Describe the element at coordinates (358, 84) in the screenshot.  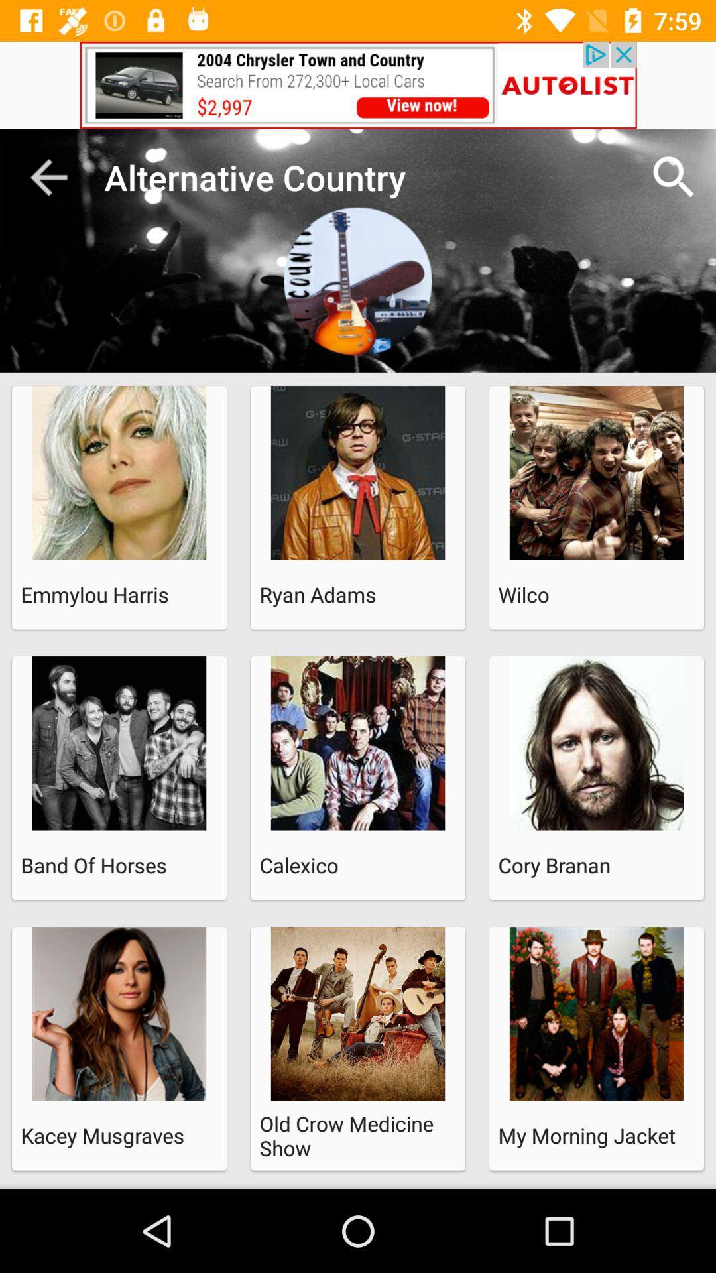
I see `advertisement page` at that location.